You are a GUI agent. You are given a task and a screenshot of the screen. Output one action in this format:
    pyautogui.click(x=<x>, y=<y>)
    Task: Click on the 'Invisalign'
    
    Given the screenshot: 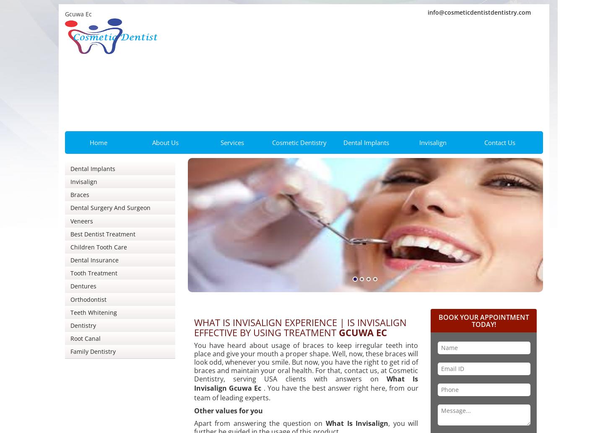 What is the action you would take?
    pyautogui.click(x=433, y=142)
    